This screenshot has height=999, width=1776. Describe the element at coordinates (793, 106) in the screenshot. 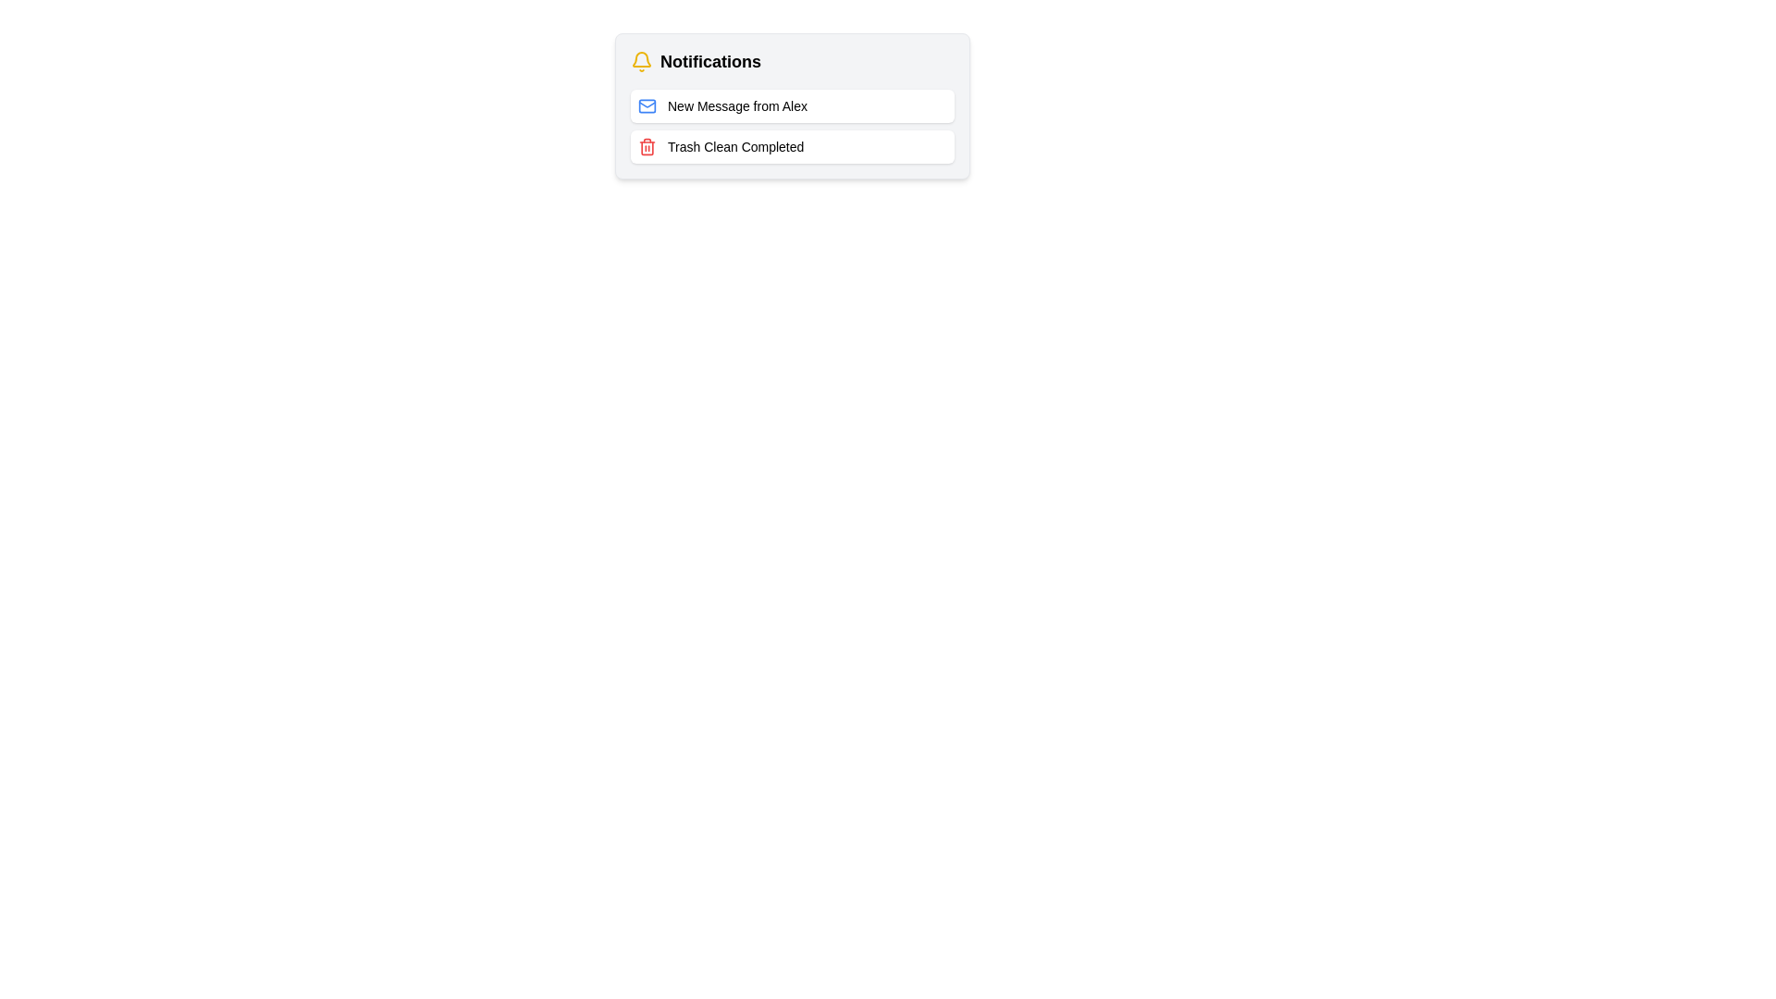

I see `the notification item 'New Message from Alex' to preview its details` at that location.